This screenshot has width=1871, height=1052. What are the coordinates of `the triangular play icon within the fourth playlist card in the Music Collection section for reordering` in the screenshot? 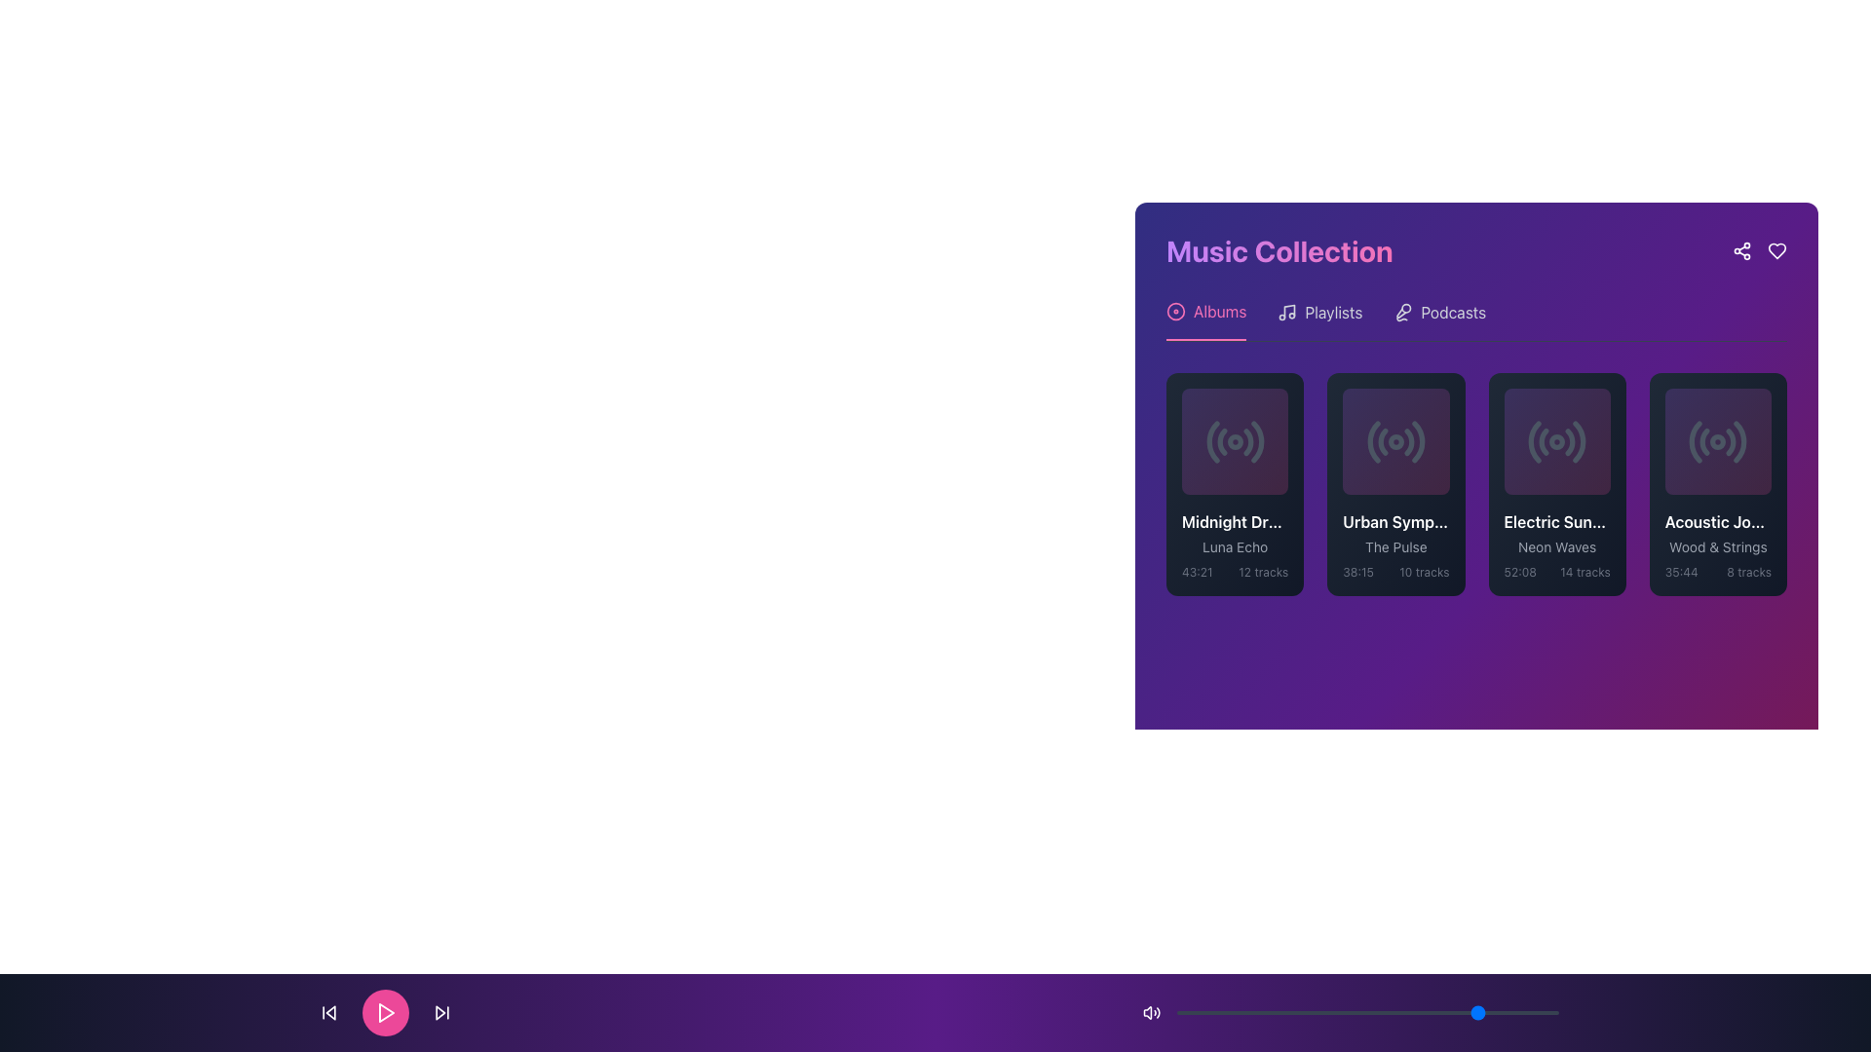 It's located at (1719, 441).